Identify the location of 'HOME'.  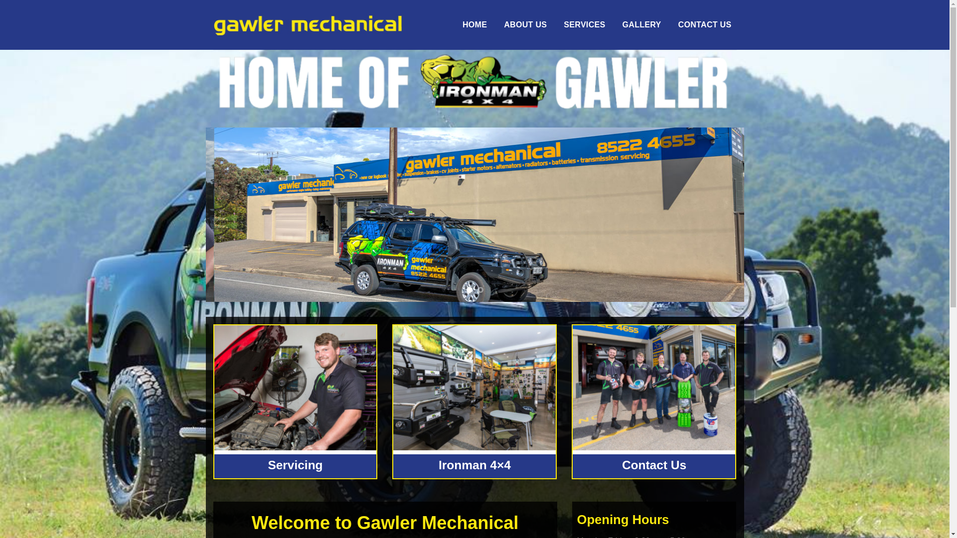
(474, 24).